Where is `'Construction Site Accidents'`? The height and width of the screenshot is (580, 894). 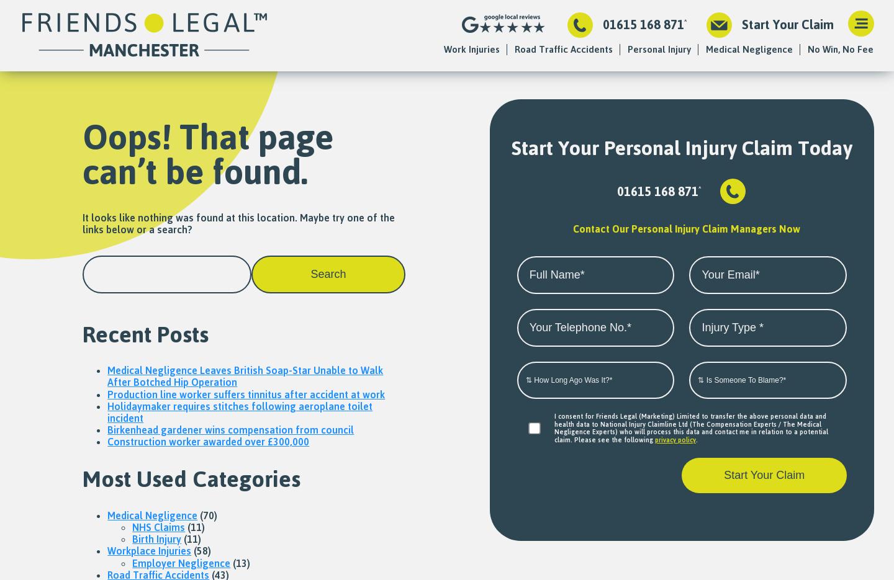
'Construction Site Accidents' is located at coordinates (470, 79).